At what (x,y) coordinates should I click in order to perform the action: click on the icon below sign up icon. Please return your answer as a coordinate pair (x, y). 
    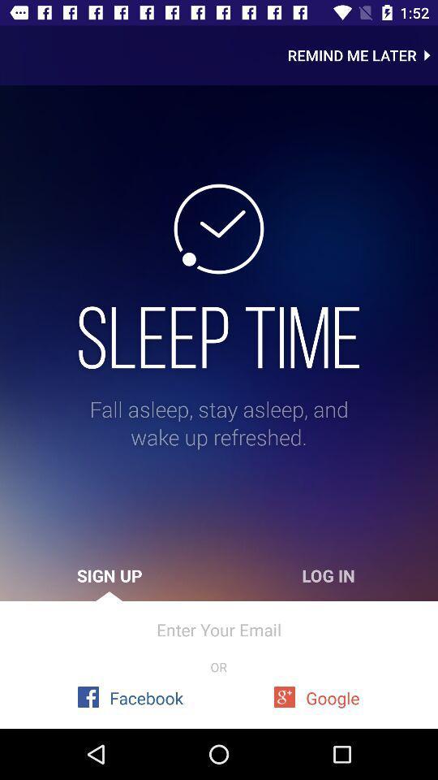
    Looking at the image, I should click on (219, 629).